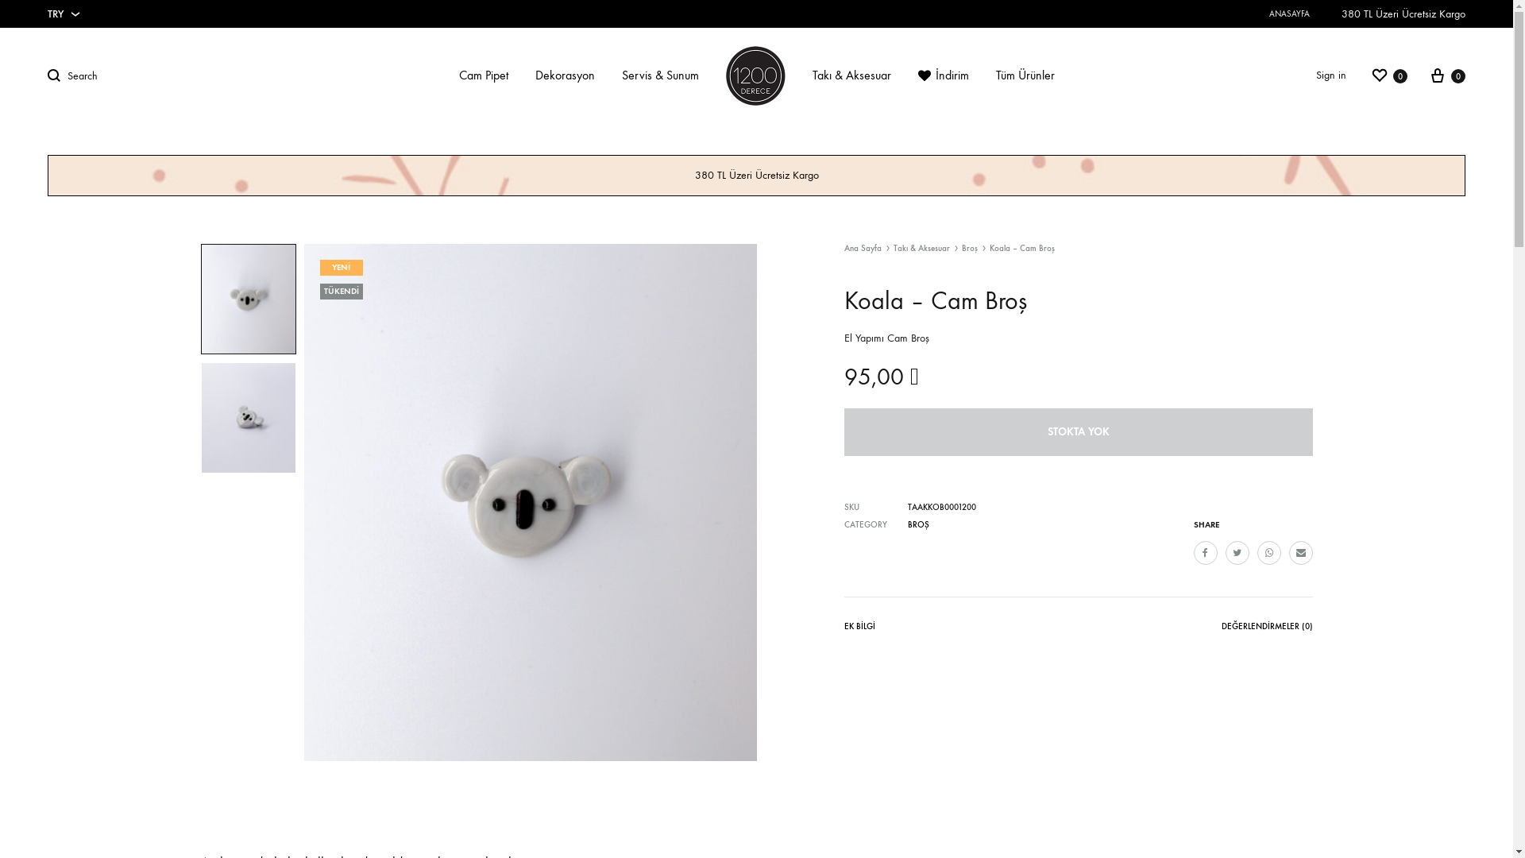  I want to click on 'Dekorasyon', so click(535, 75).